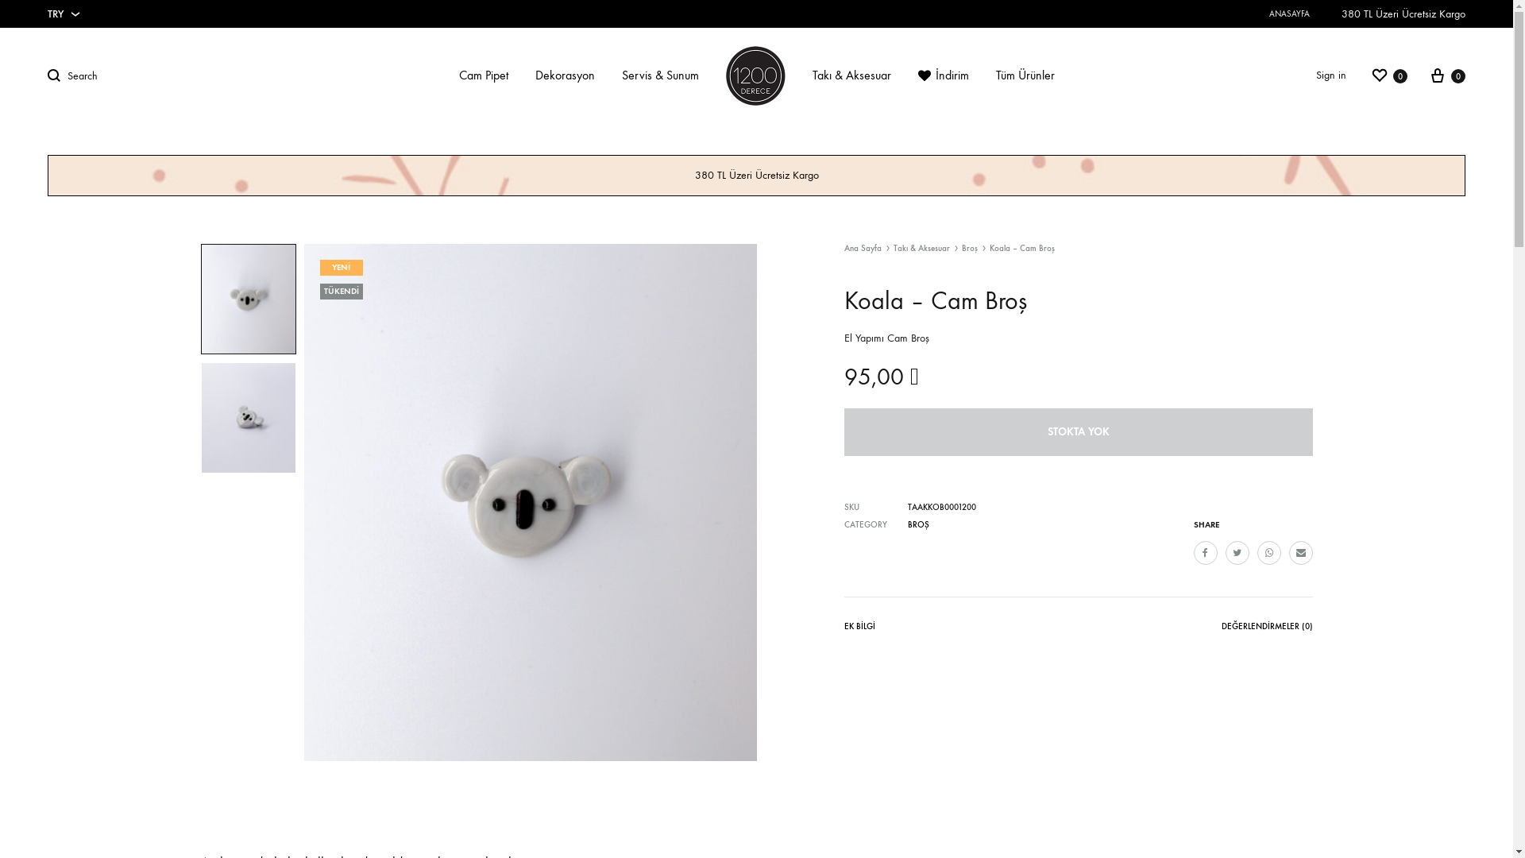  I want to click on 'Dekorasyon', so click(535, 75).